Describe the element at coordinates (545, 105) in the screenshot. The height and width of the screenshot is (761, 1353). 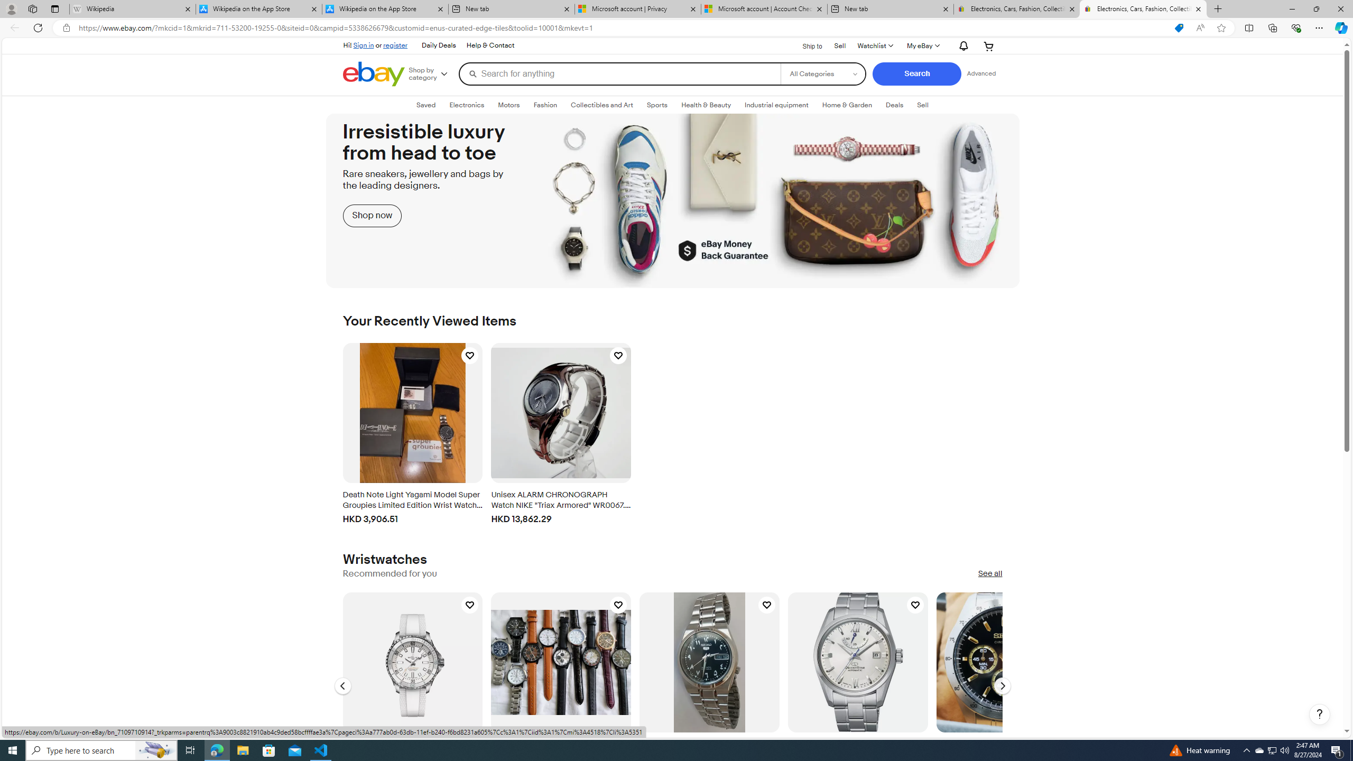
I see `'FashionExpand: Fashion'` at that location.